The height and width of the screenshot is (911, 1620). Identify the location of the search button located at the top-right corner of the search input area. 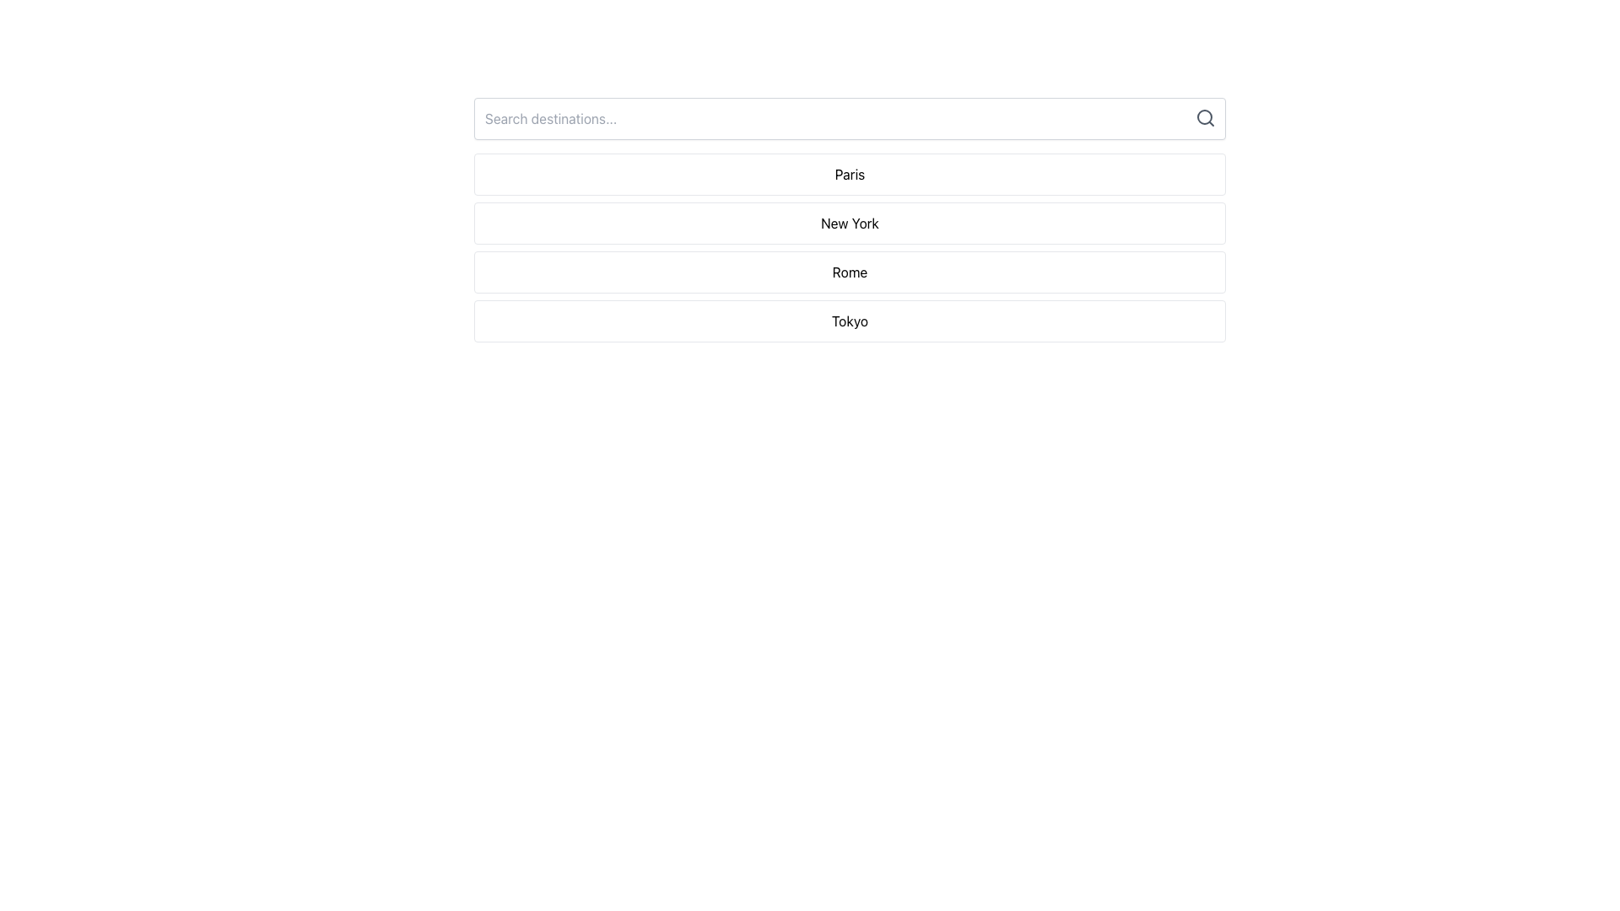
(1205, 116).